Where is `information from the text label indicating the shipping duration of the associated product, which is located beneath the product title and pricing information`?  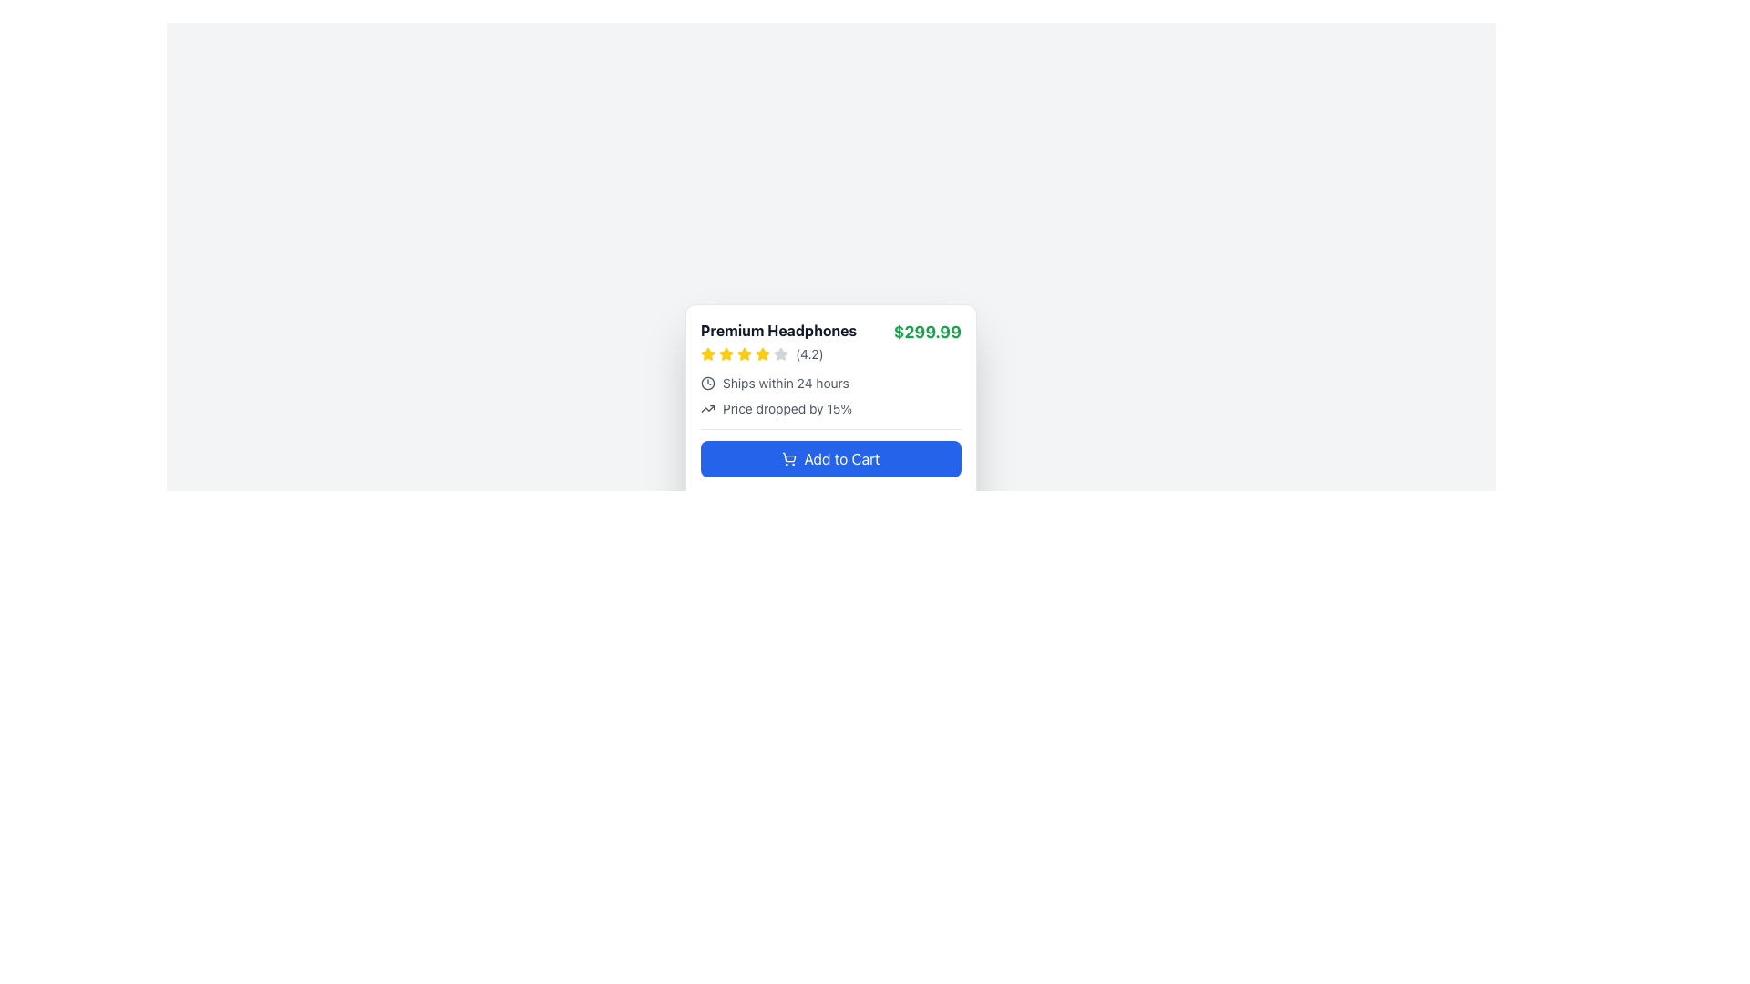 information from the text label indicating the shipping duration of the associated product, which is located beneath the product title and pricing information is located at coordinates (786, 382).